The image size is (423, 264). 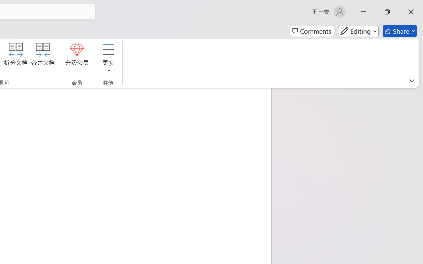 What do you see at coordinates (400, 31) in the screenshot?
I see `'Share'` at bounding box center [400, 31].